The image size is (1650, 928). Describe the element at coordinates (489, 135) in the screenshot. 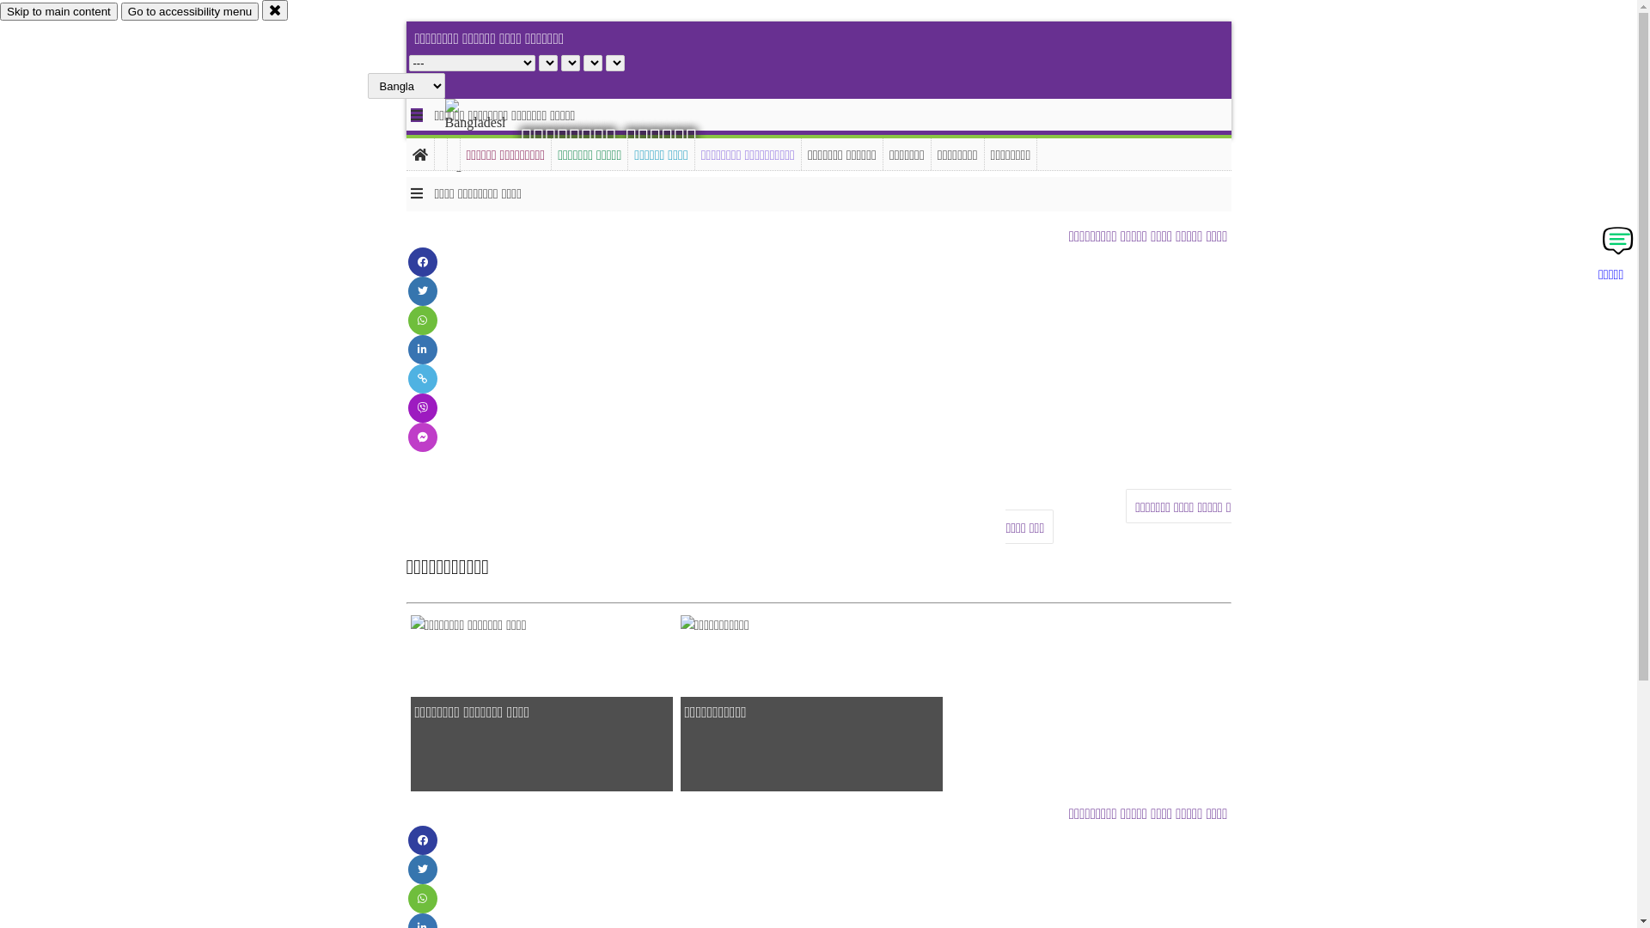

I see `'` at that location.